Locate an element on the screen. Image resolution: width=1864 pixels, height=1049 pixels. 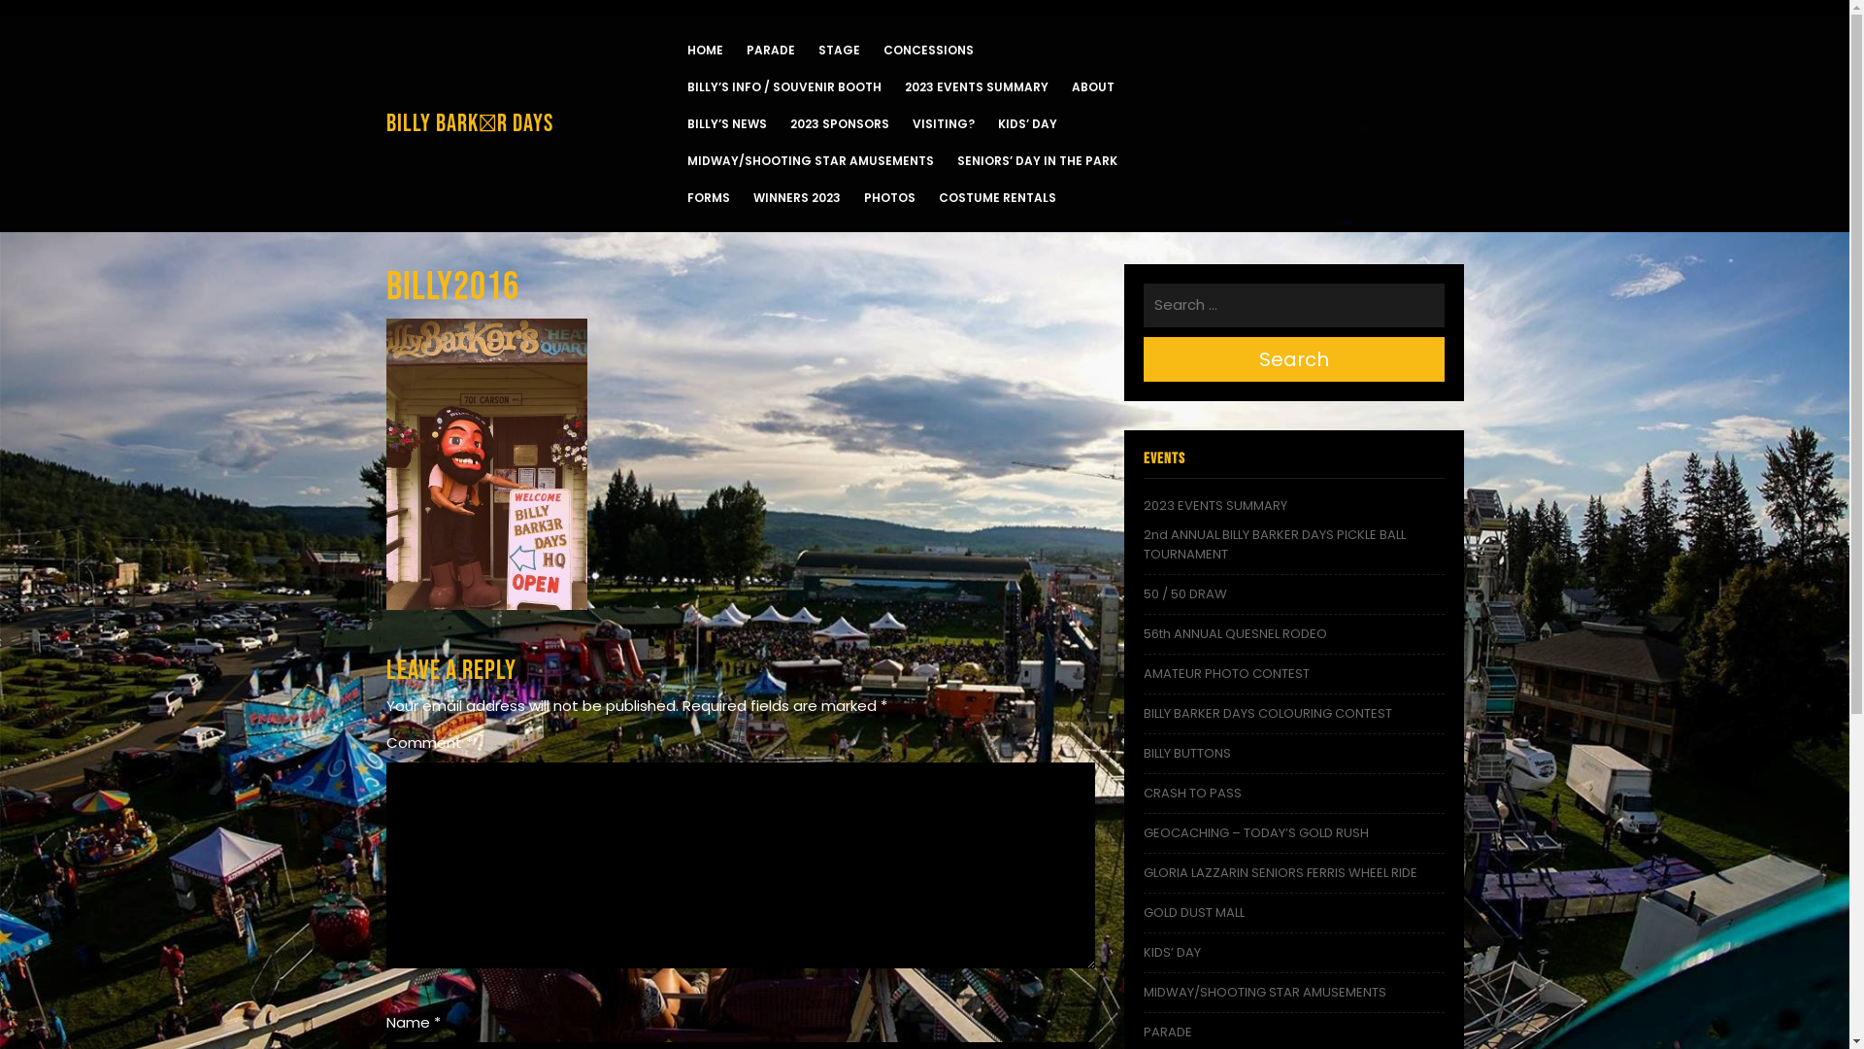
'BILLY BUTTONS' is located at coordinates (1143, 752).